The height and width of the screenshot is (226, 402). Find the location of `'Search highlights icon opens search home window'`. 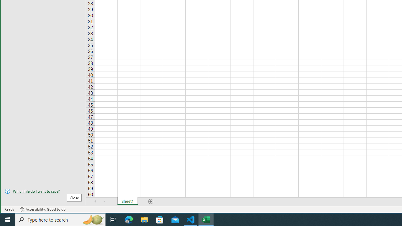

'Search highlights icon opens search home window' is located at coordinates (92, 219).